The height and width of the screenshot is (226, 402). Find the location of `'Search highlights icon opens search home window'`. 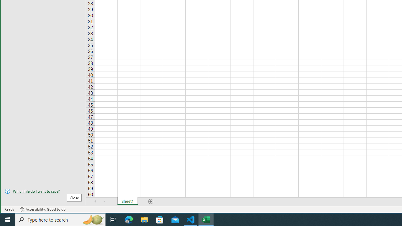

'Search highlights icon opens search home window' is located at coordinates (92, 219).